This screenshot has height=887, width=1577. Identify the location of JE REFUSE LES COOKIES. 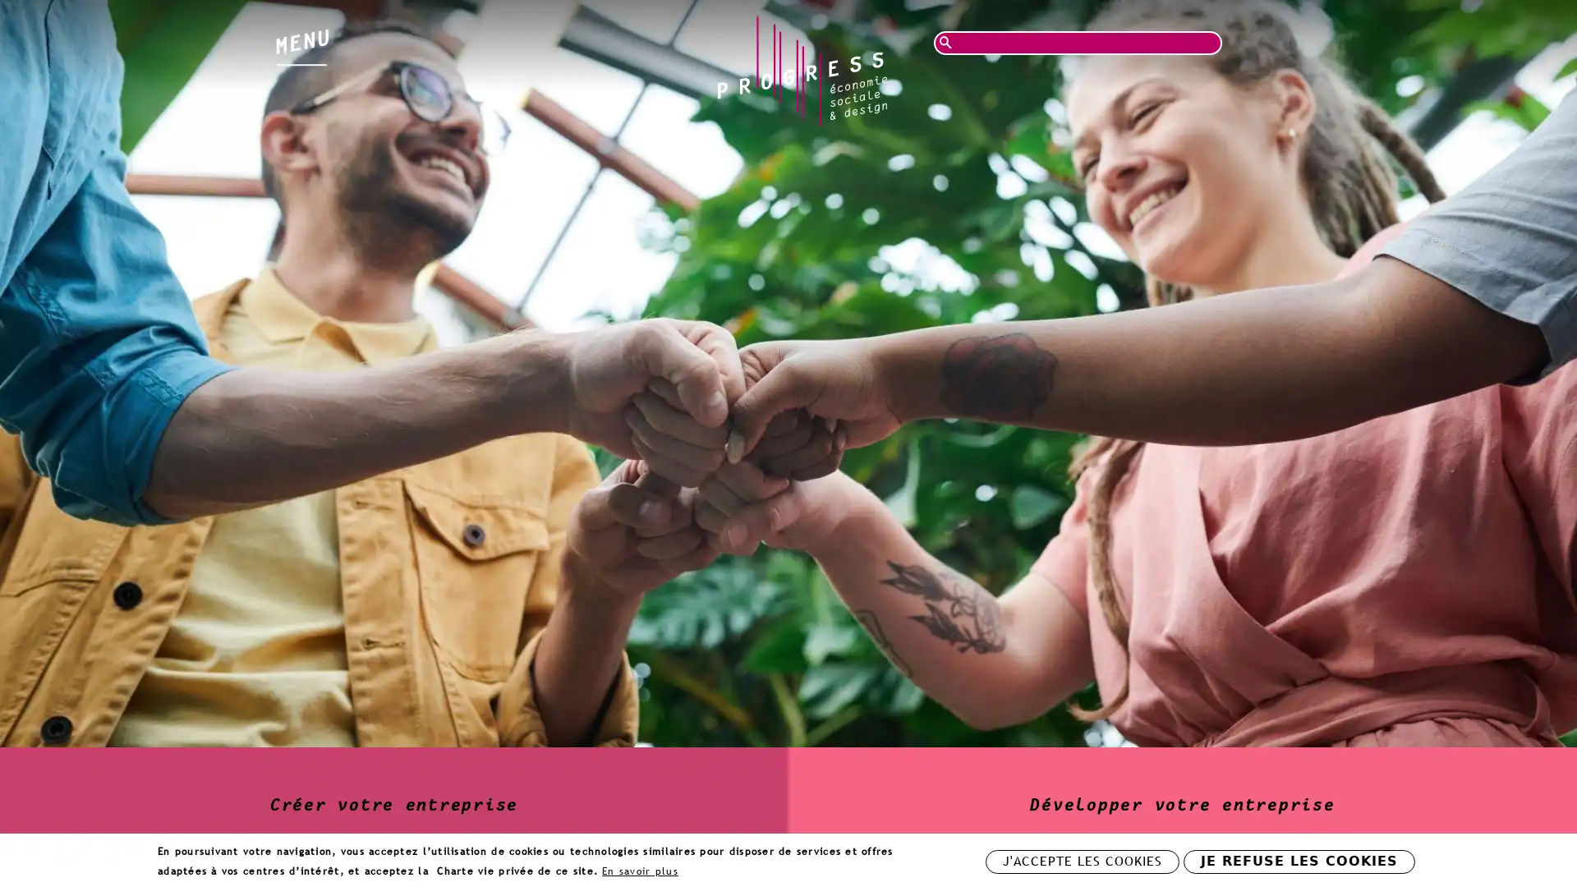
(1299, 861).